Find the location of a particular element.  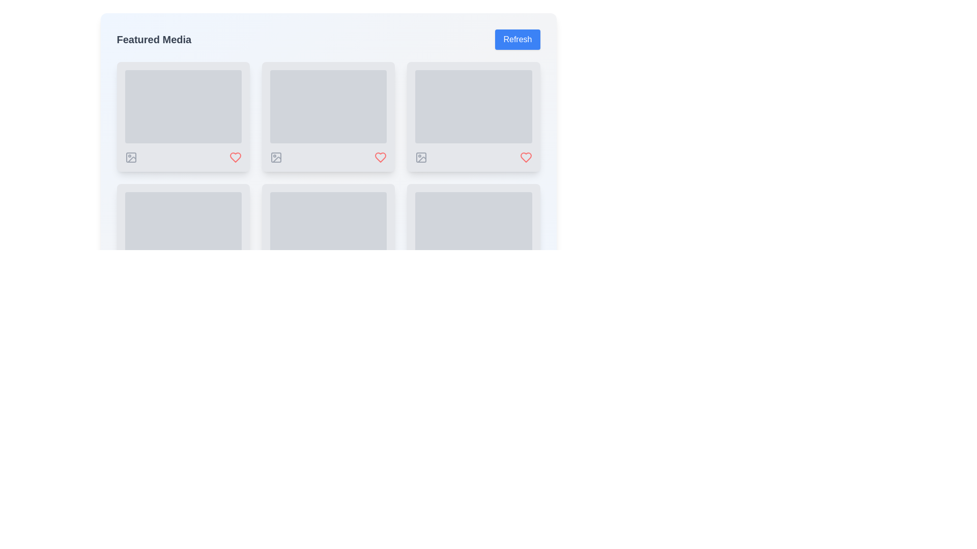

the Skeleton Loader element located in the top-left corner of the first card in the grid layout, which serves as a placeholder for loading content is located at coordinates (183, 106).